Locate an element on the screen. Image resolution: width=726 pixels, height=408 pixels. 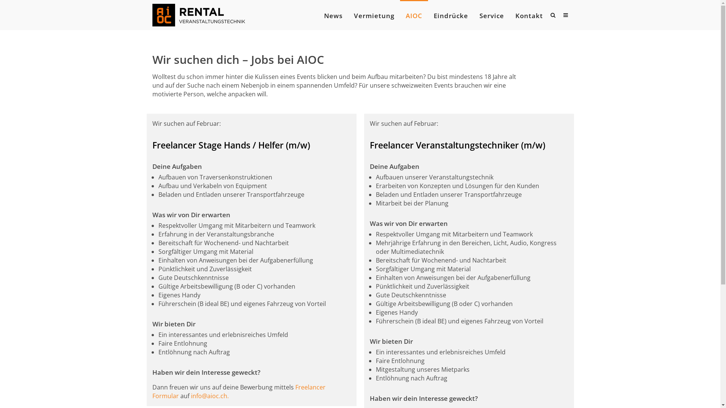
'Kontakt' is located at coordinates (528, 16).